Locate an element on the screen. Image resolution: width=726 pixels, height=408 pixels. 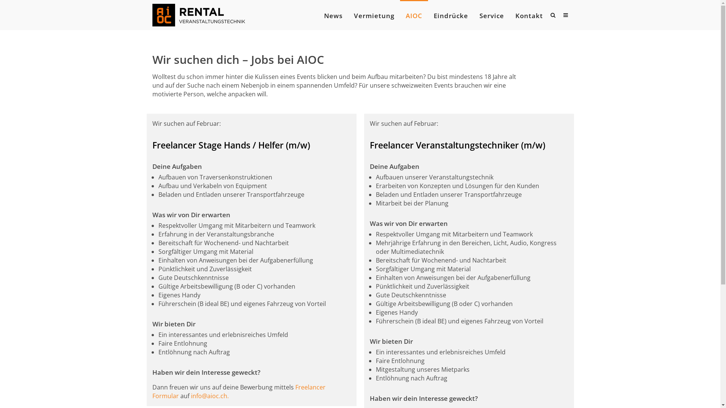
'Kontakt' is located at coordinates (528, 16).